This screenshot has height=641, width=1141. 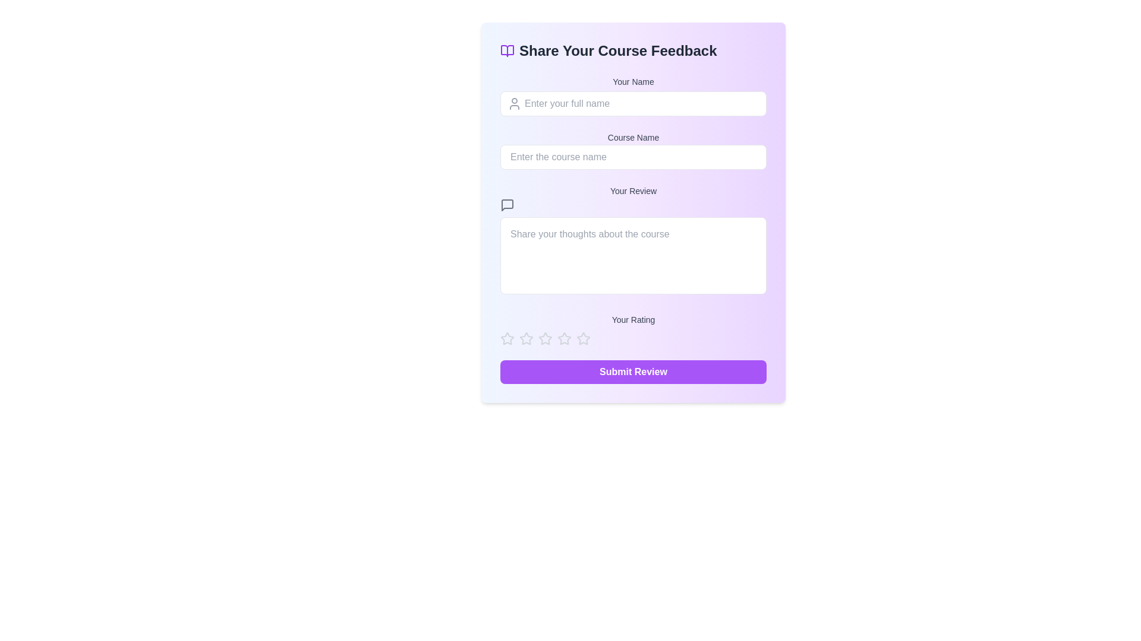 I want to click on the first star in the 'Your Rating' section, so click(x=526, y=338).